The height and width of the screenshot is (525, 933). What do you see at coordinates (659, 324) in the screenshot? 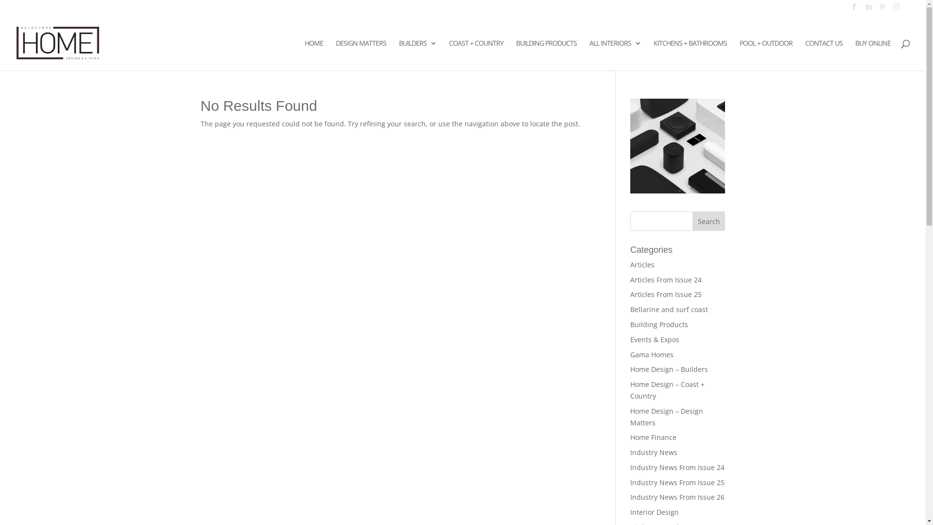
I see `'Building Products'` at bounding box center [659, 324].